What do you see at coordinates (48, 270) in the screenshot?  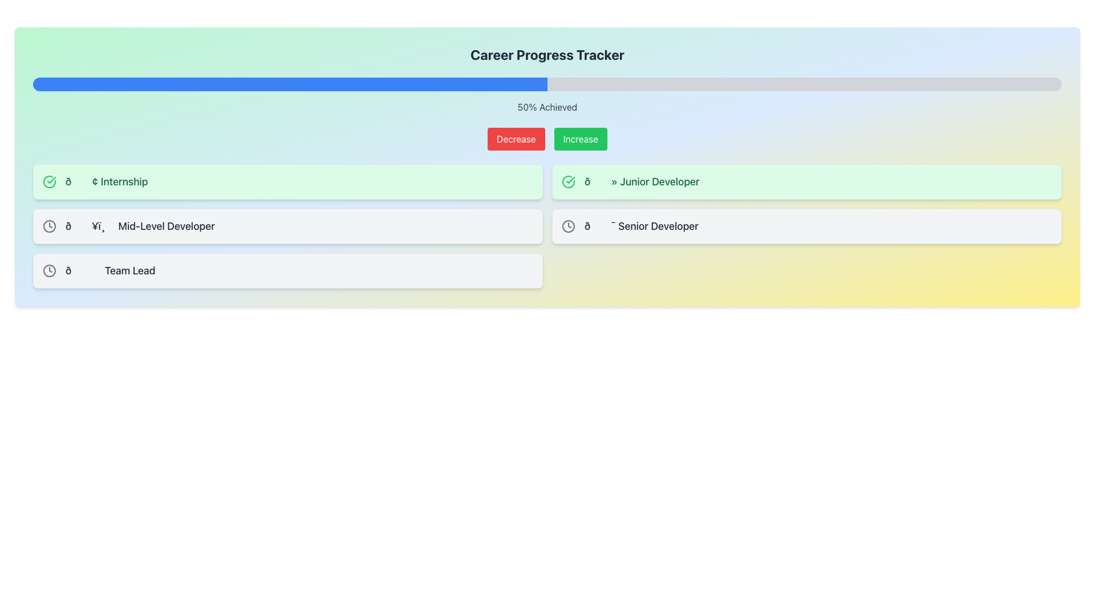 I see `the time or schedule icon representing the 'Team Lead' milestone located to the left of the 'Team Lead' text within the bordered rectangular section at the bottom of the interface` at bounding box center [48, 270].